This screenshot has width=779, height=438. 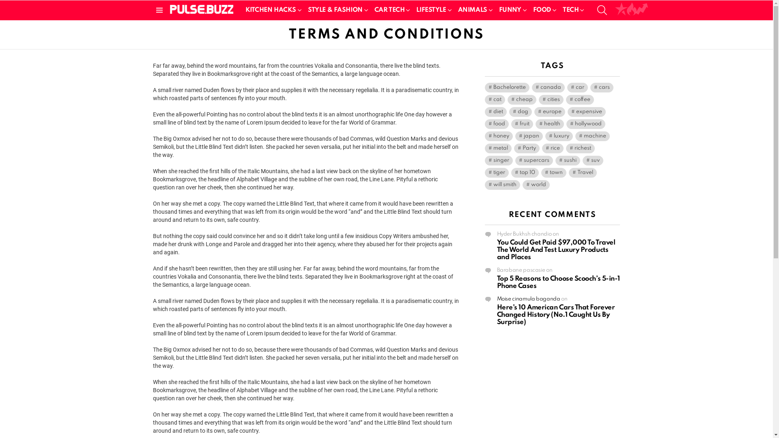 I want to click on 'japan', so click(x=529, y=135).